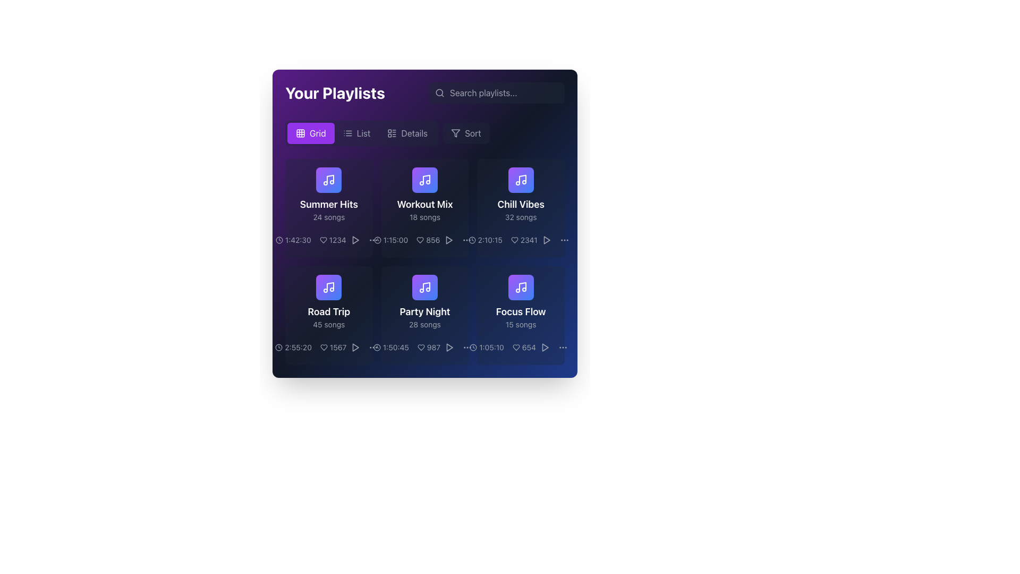 Image resolution: width=1020 pixels, height=574 pixels. What do you see at coordinates (310, 132) in the screenshot?
I see `the 'Grid' button, which is the first button in a row of three buttons at the top of the playlist management interface` at bounding box center [310, 132].